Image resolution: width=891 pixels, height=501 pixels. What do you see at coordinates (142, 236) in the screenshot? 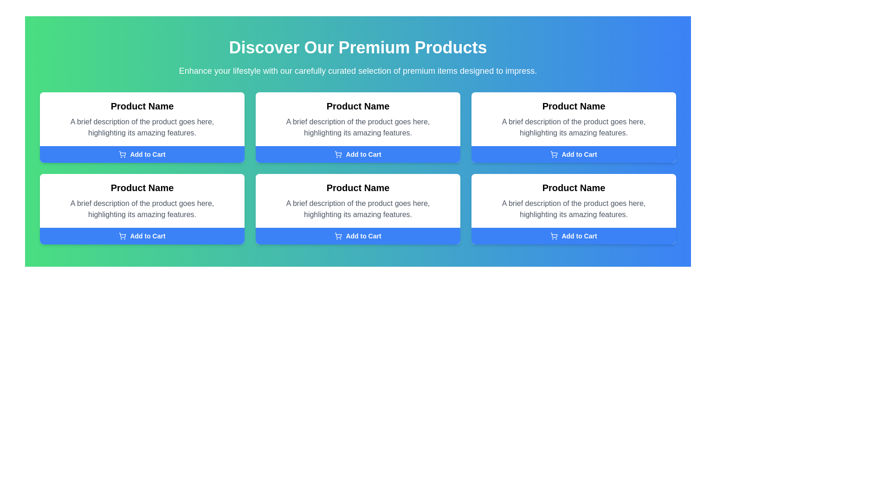
I see `the button located at the bottom edge of the fourth product card in the second row of a 3x2 grid layout` at bounding box center [142, 236].